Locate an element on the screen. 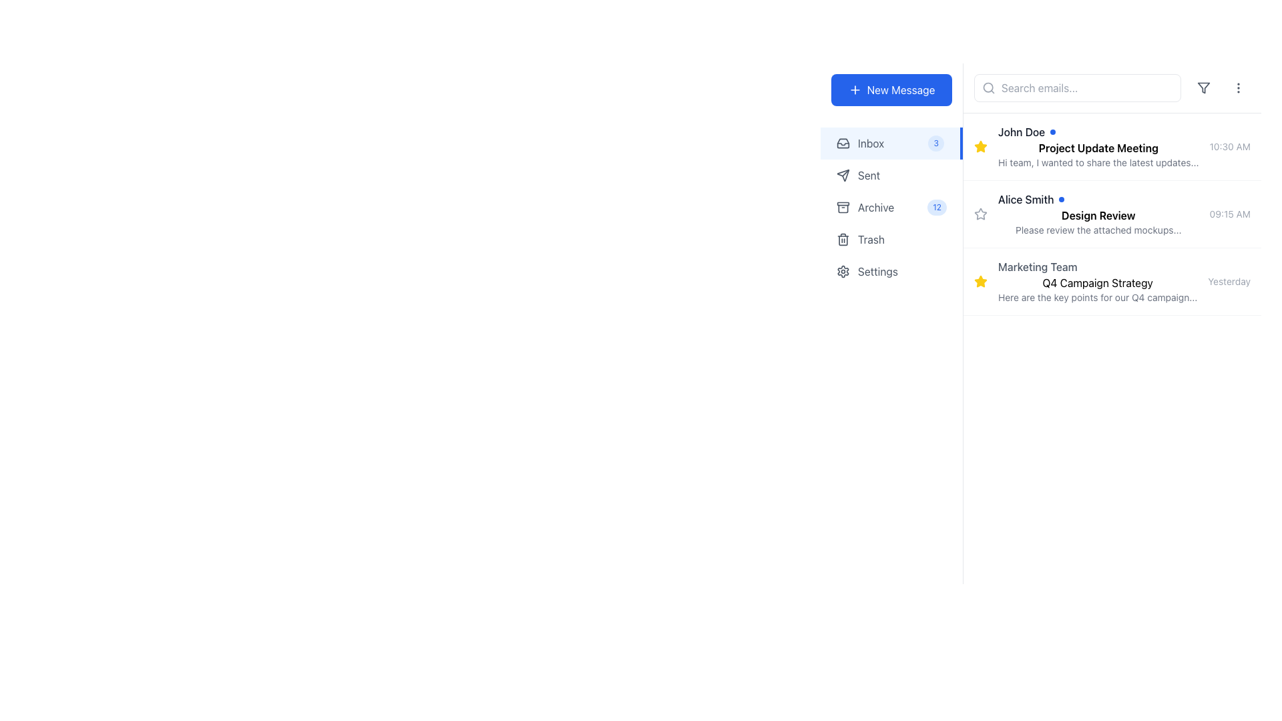 Image resolution: width=1282 pixels, height=721 pixels. the star-shaped icon located to the left of the 'Design Review' subject title in the second listing under the 'Inbox' section is located at coordinates (980, 213).